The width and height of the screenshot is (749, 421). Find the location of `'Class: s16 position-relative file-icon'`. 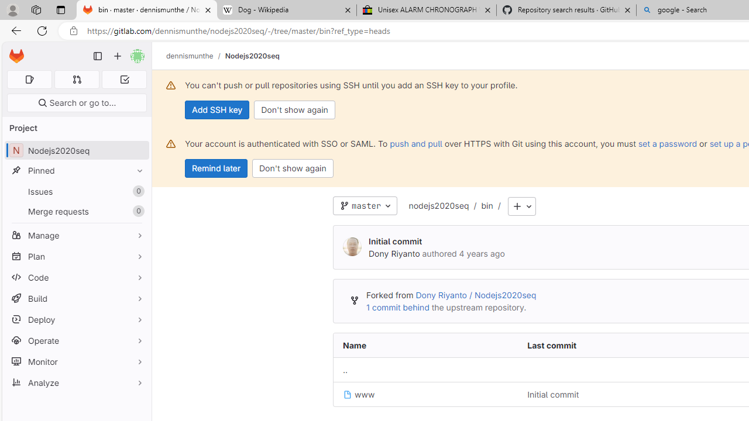

'Class: s16 position-relative file-icon' is located at coordinates (346, 395).